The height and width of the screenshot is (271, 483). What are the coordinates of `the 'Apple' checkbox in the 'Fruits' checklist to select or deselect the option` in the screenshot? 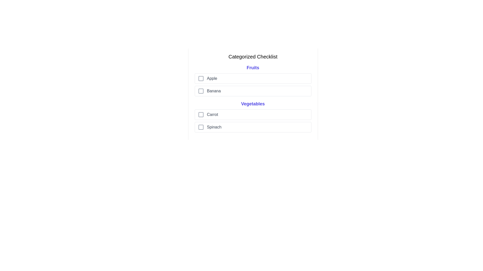 It's located at (253, 78).